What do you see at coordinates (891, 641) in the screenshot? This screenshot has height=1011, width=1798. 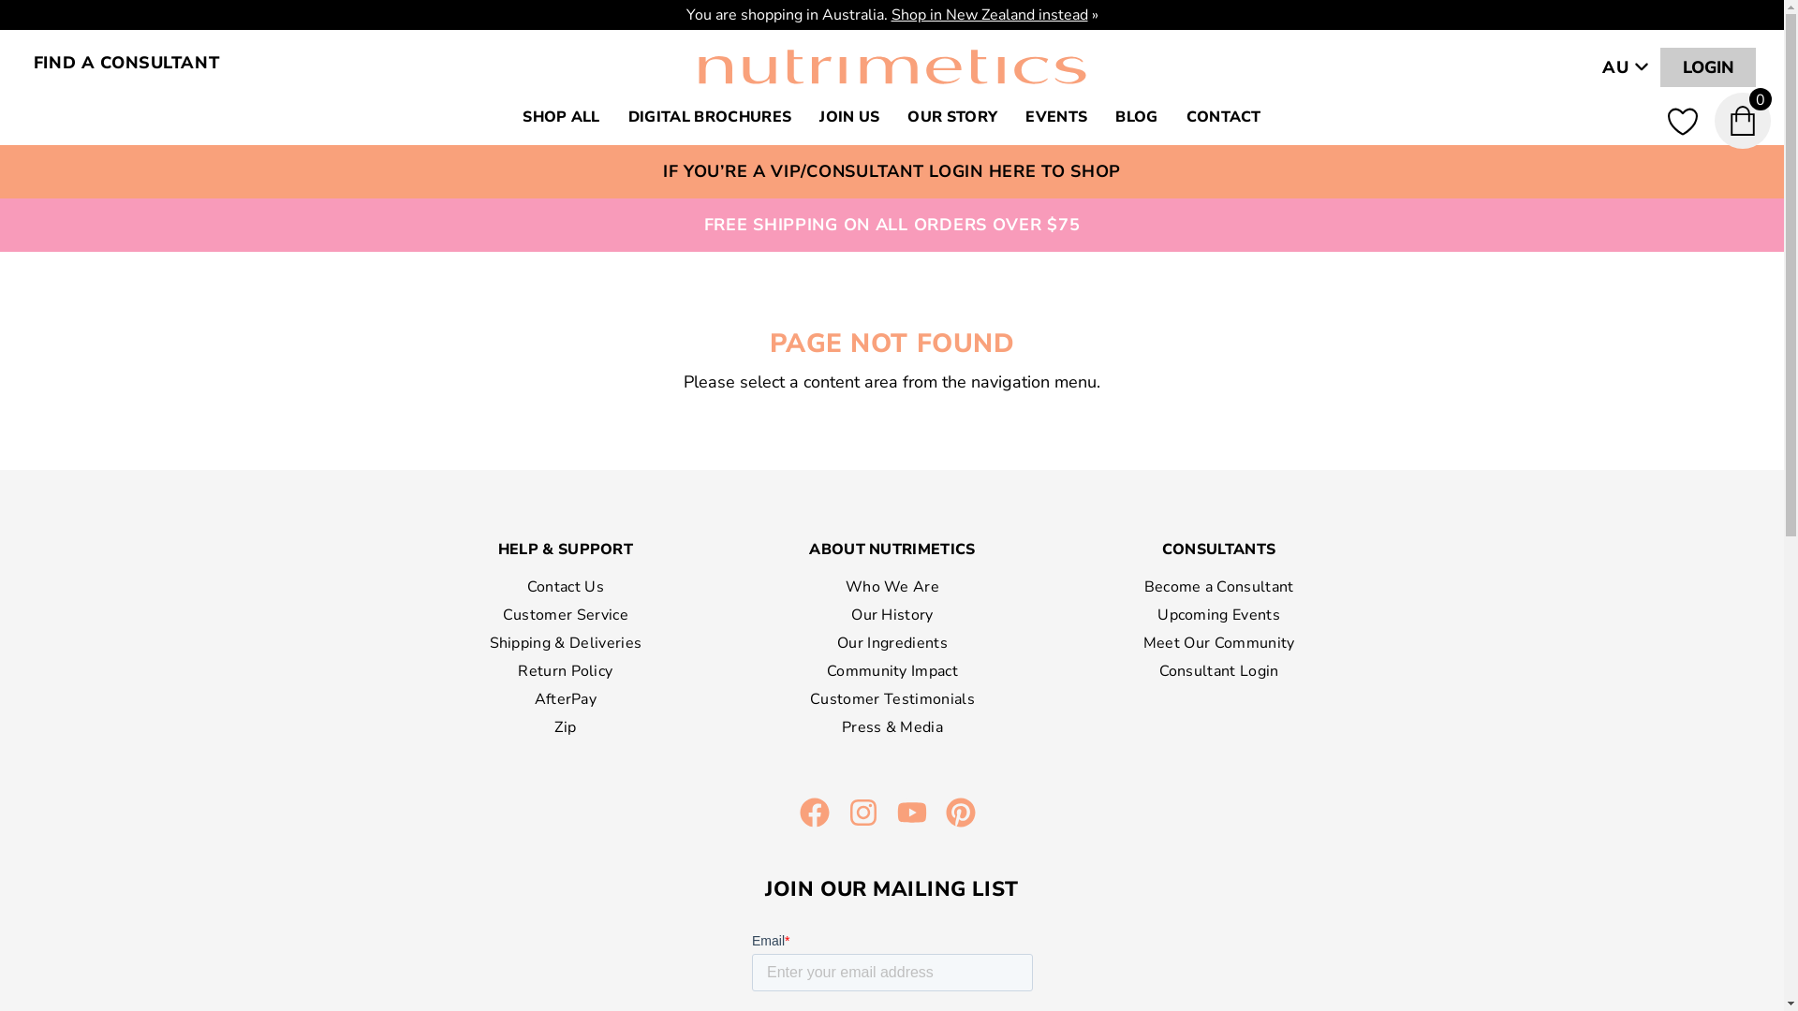 I see `'Our Ingredients'` at bounding box center [891, 641].